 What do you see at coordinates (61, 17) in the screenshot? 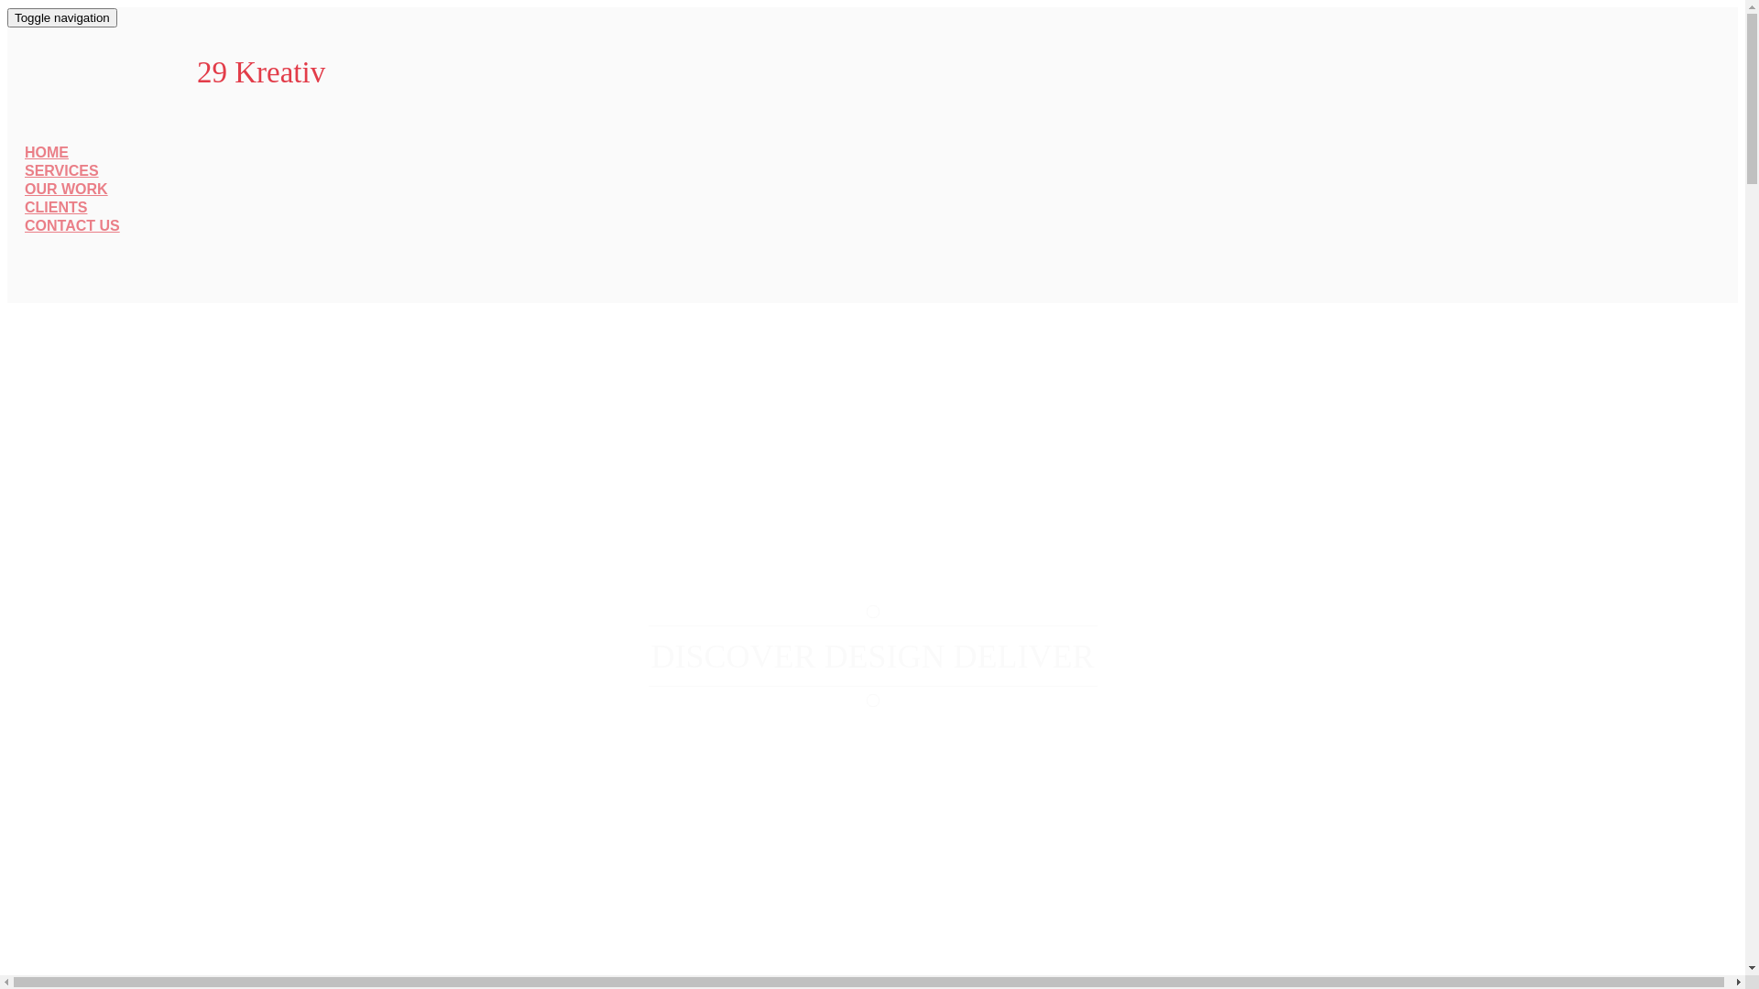
I see `'Toggle navigation'` at bounding box center [61, 17].